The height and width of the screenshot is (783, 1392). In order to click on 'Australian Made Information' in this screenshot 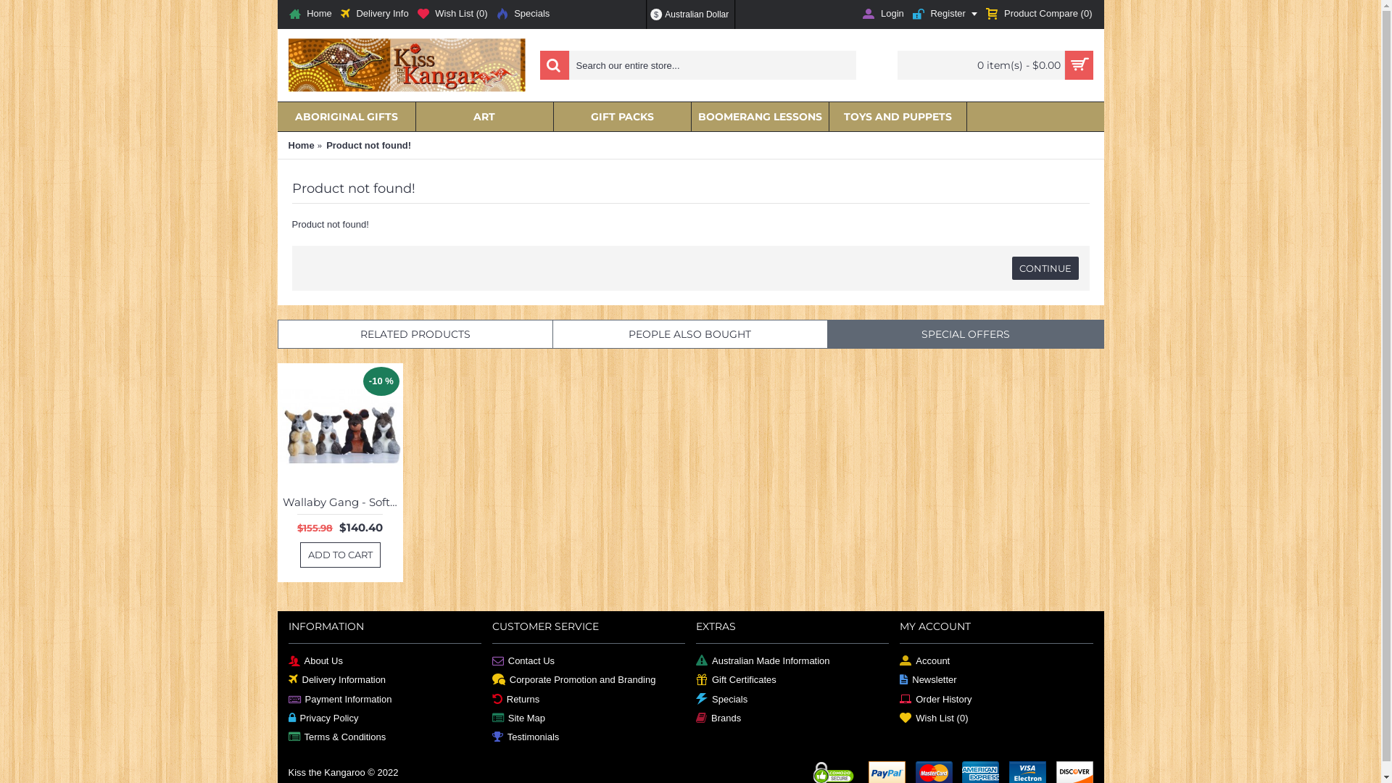, I will do `click(792, 660)`.